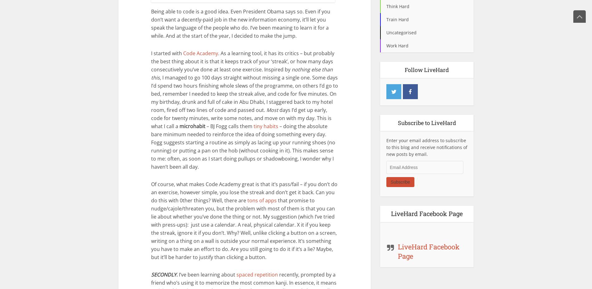 The height and width of the screenshot is (289, 592). What do you see at coordinates (242, 61) in the screenshot?
I see `'. As a learning tool, it has its critics – but probably the best thing about it is that it keeps track of your ‘streak’, or how many days consecutively you’ve done at least one exercise. Inspired by'` at bounding box center [242, 61].